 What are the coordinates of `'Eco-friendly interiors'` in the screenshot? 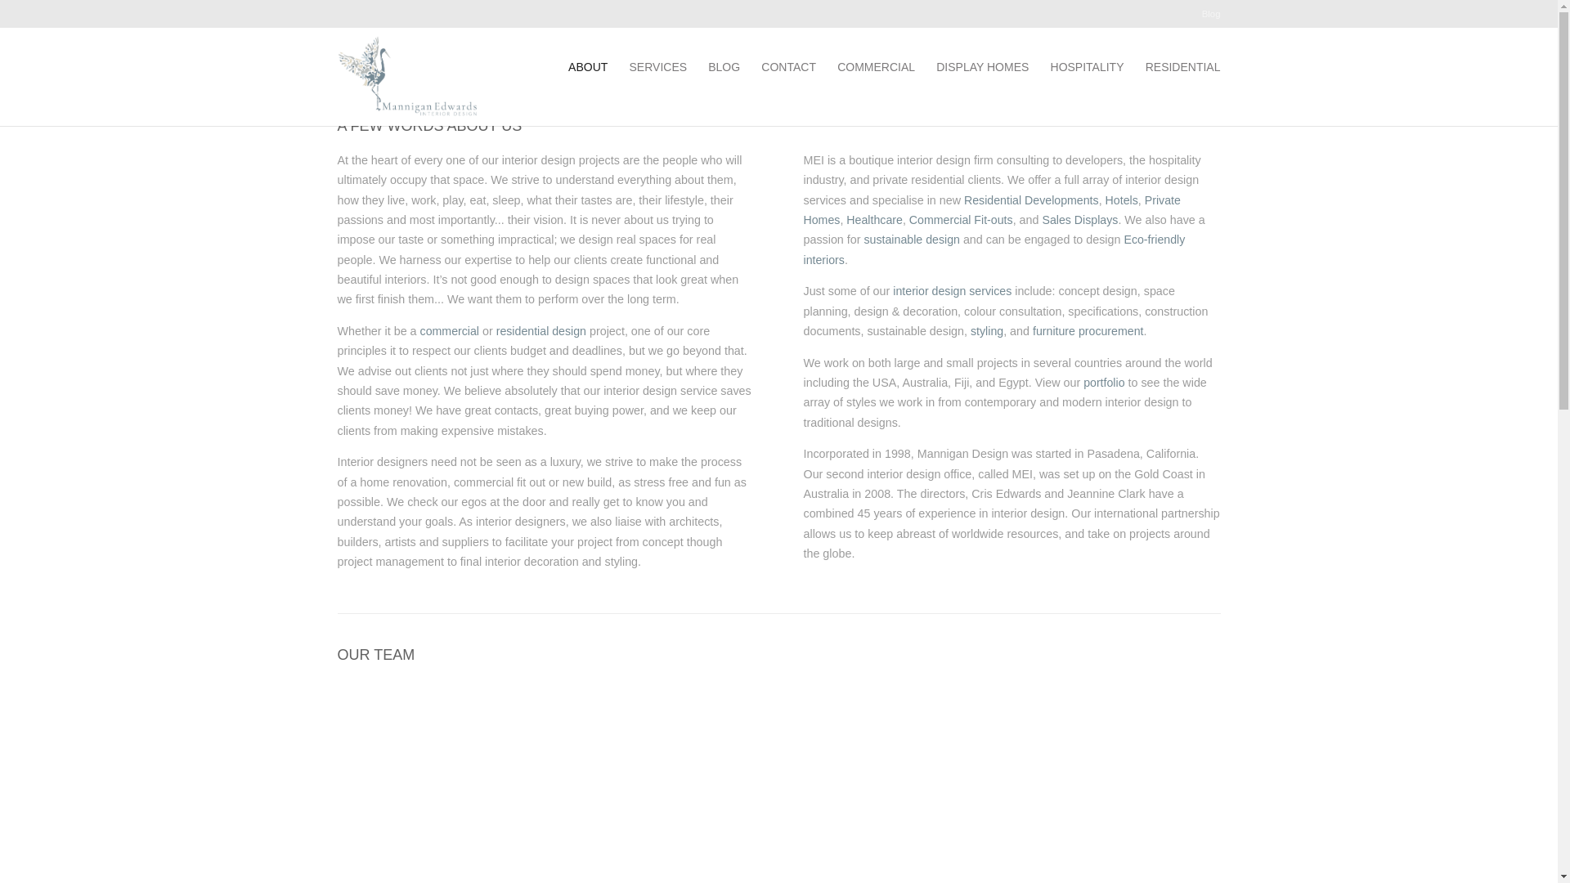 It's located at (993, 249).